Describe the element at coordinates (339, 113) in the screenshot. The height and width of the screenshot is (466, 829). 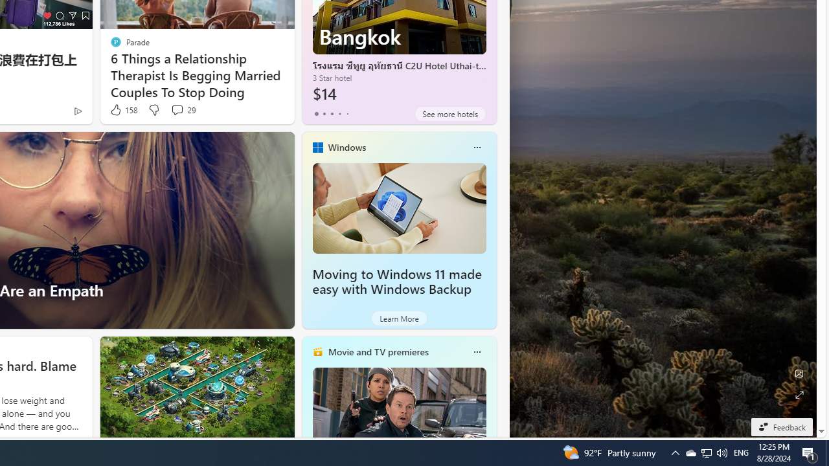
I see `'tab-3'` at that location.